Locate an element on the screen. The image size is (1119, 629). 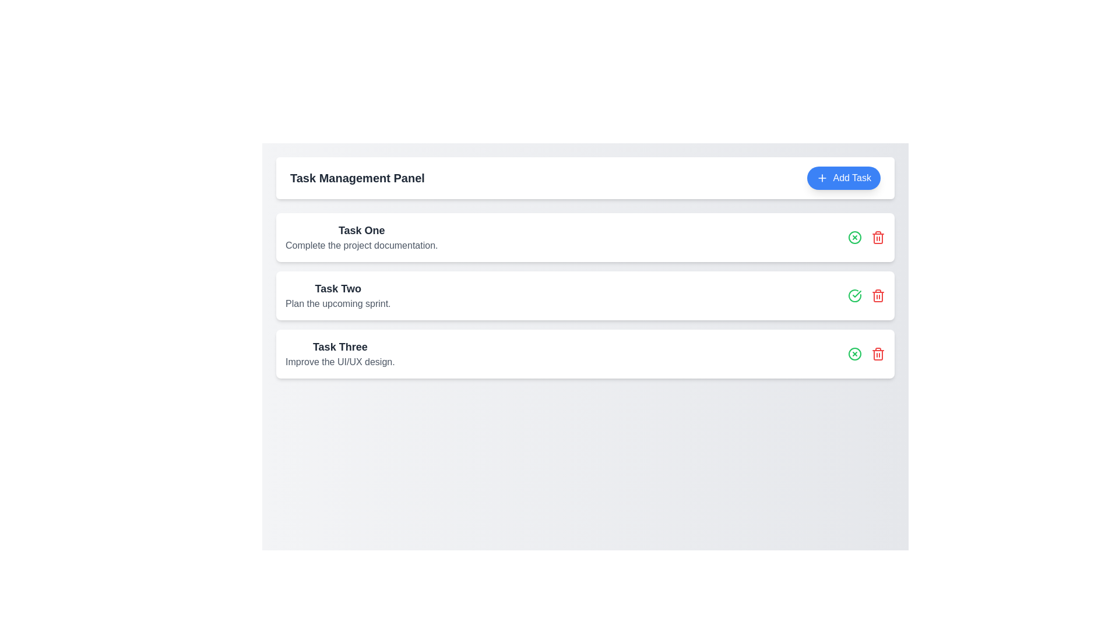
the delete button located at the far right of the third row in the task list for 'Task Three' is located at coordinates (878, 296).